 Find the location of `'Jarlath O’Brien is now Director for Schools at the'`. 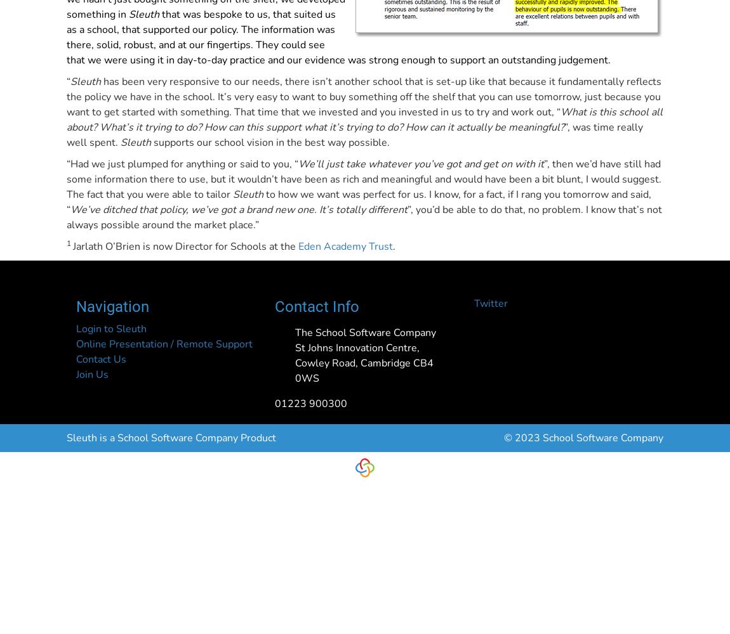

'Jarlath O’Brien is now Director for Schools at the' is located at coordinates (185, 247).